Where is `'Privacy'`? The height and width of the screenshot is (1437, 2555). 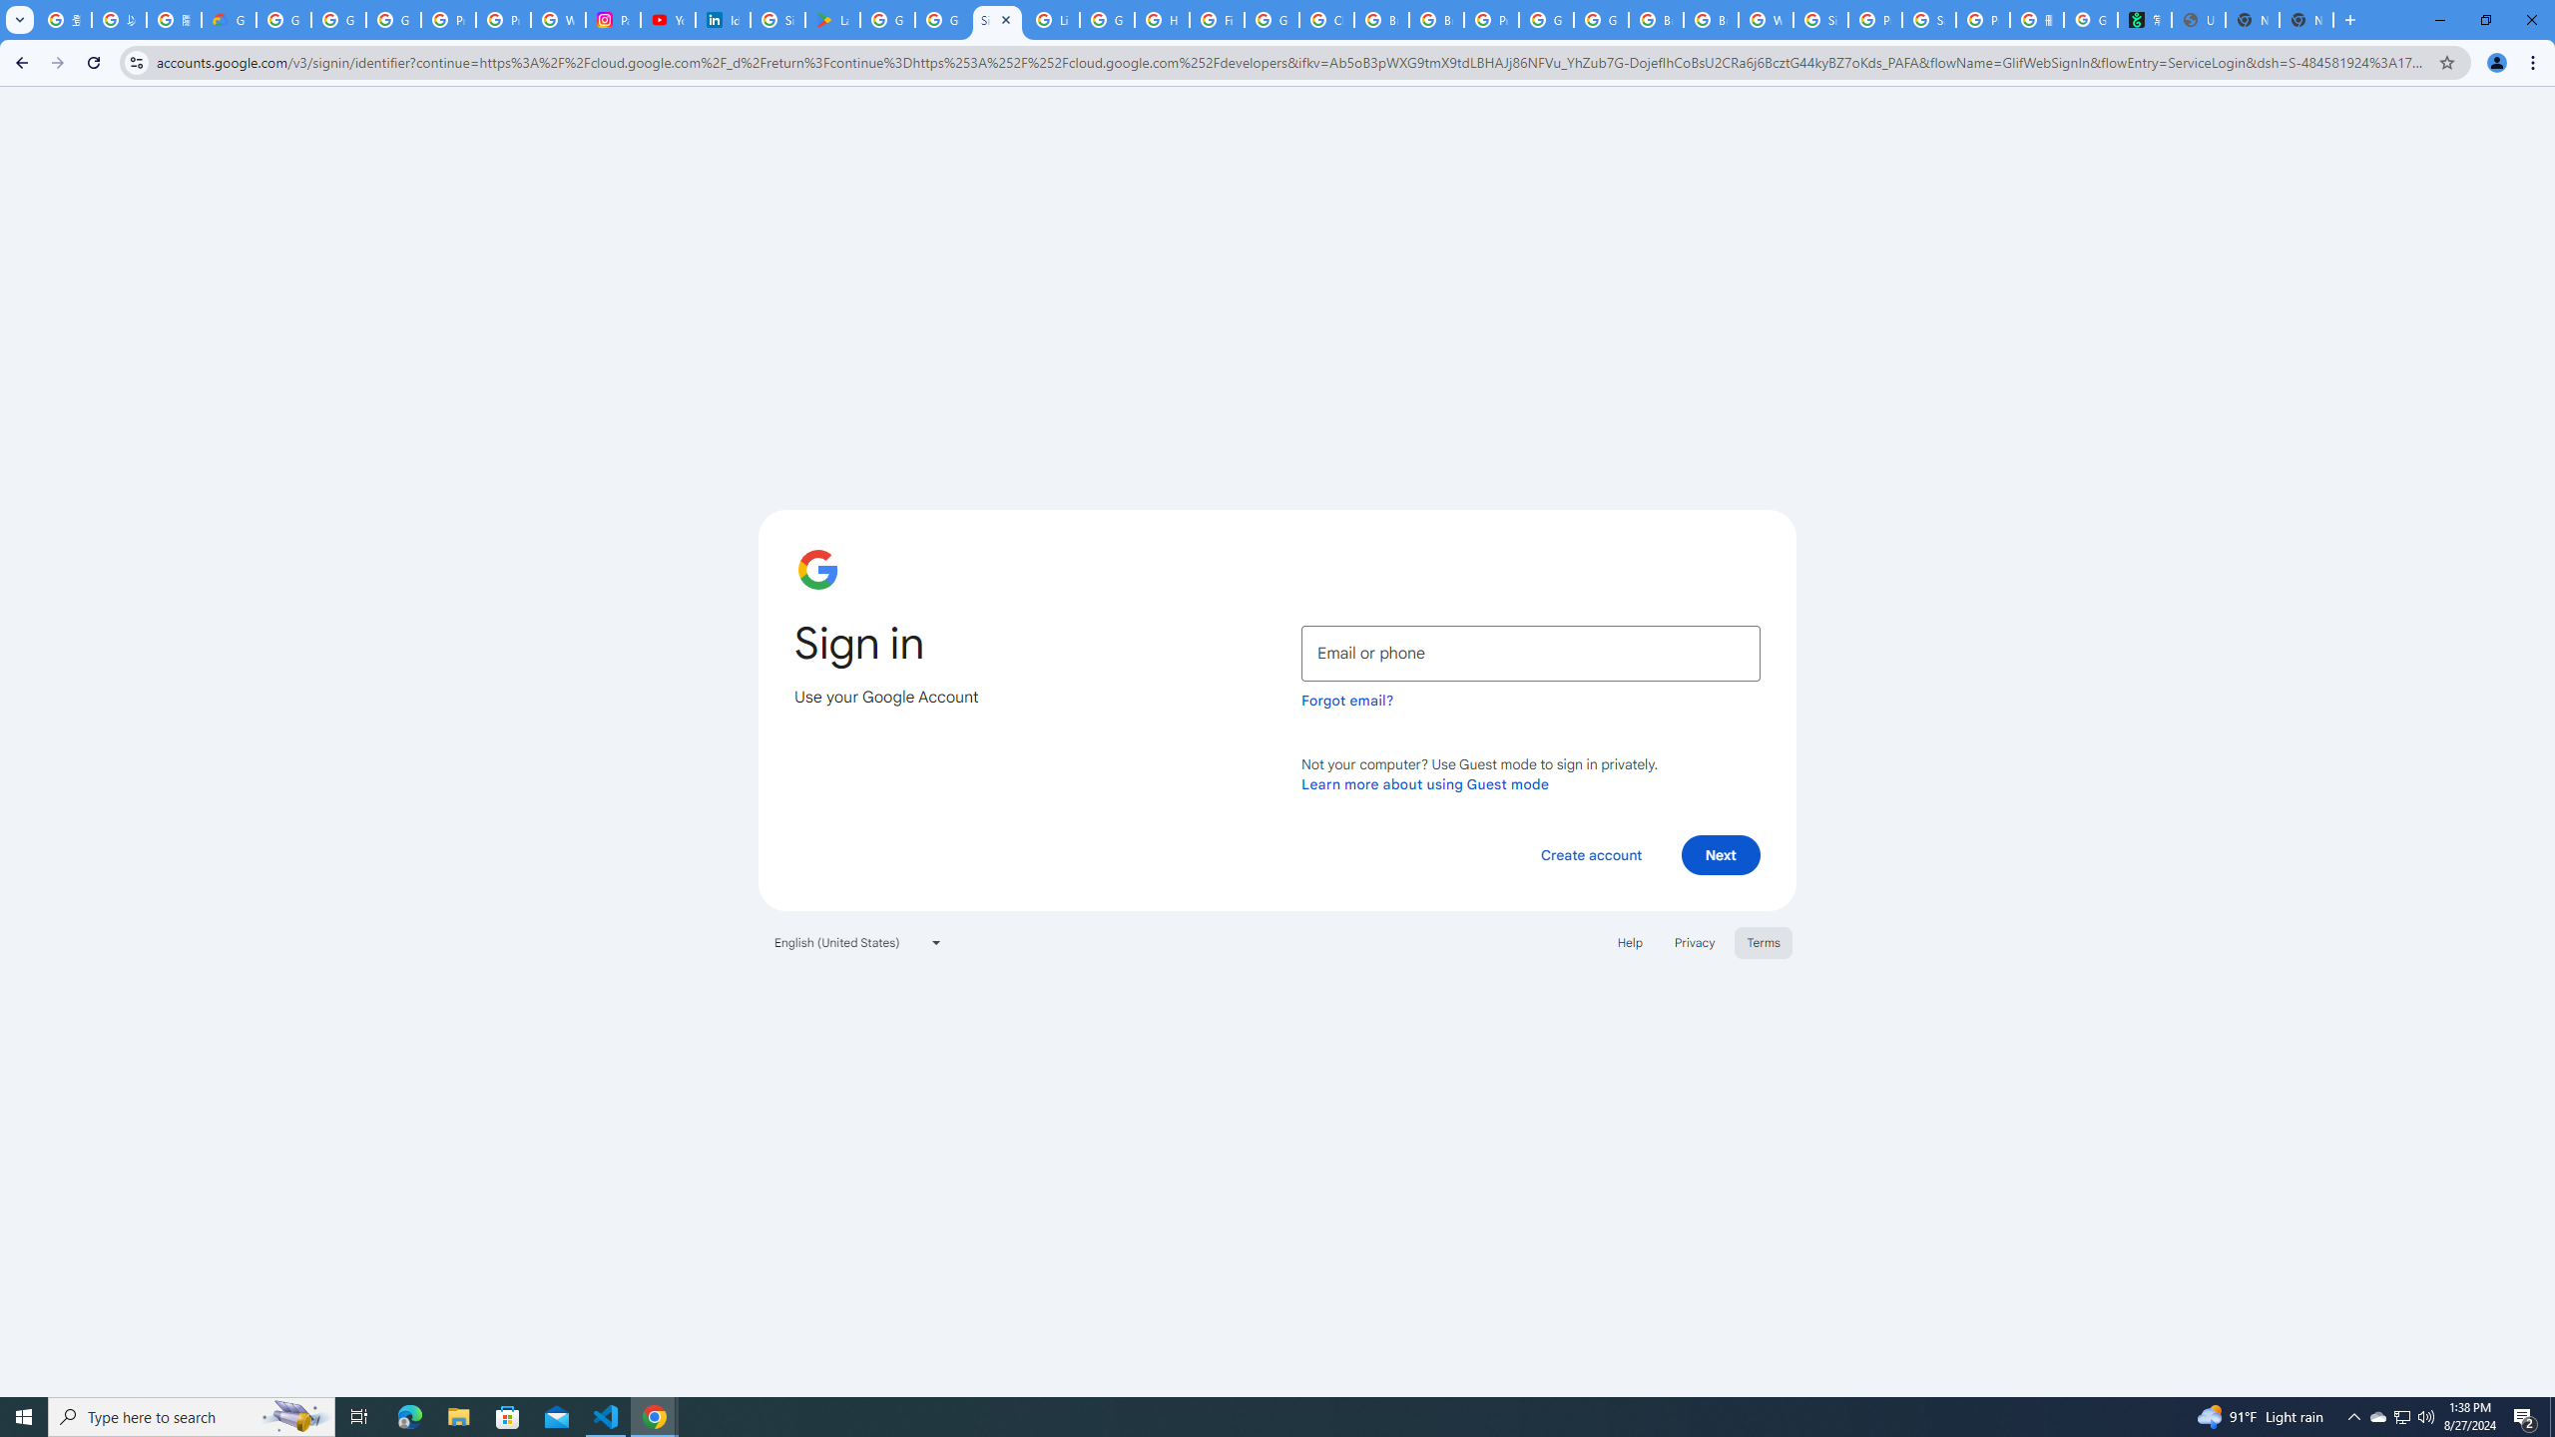
'Privacy' is located at coordinates (1693, 940).